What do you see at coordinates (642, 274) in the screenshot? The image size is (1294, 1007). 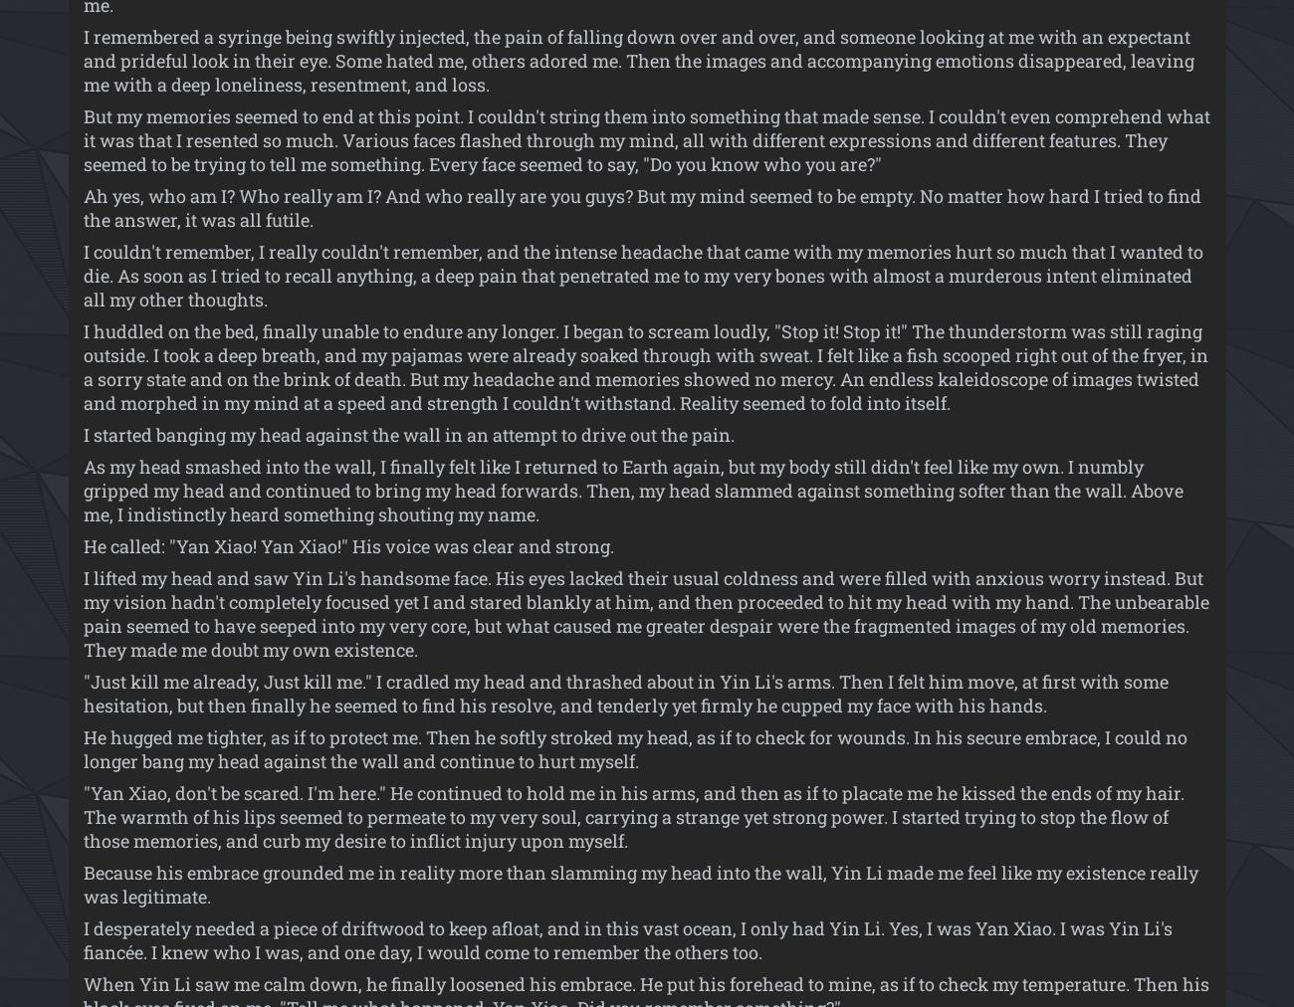 I see `'I couldn't remember, I really couldn't remember, and the intense headache that came with my memories hurt so much that I wanted to die. As soon as I tried to recall anything, a deep pain that penetrated me to my very bones with almost a murderous intent eliminated all my other thoughts.'` at bounding box center [642, 274].